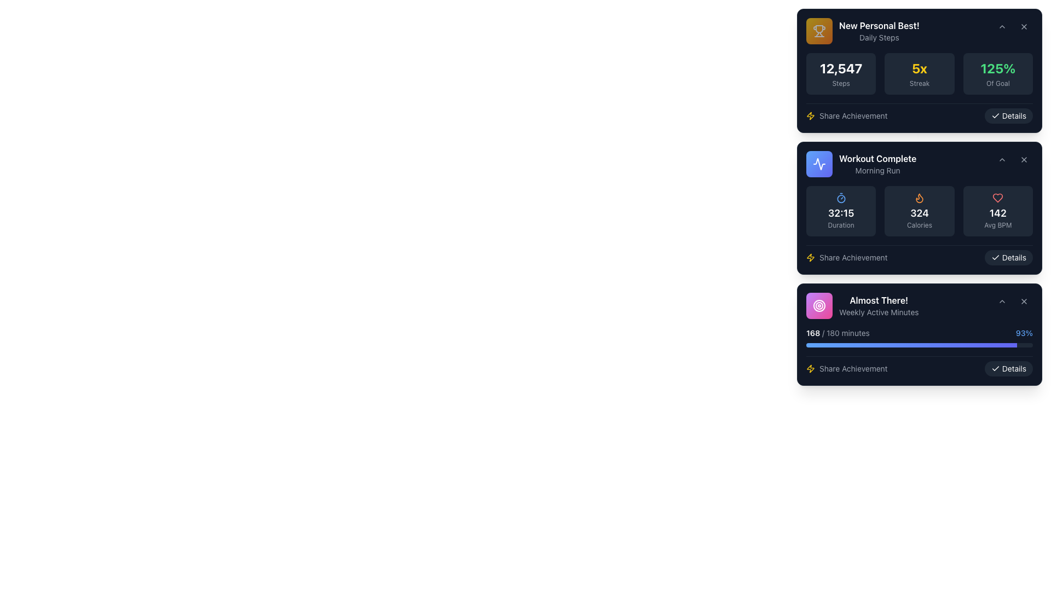  I want to click on the static text displaying the number '180', which indicates the active minutes target, located on the 'Almost There!' card at the bottom right of the interface, so click(832, 332).